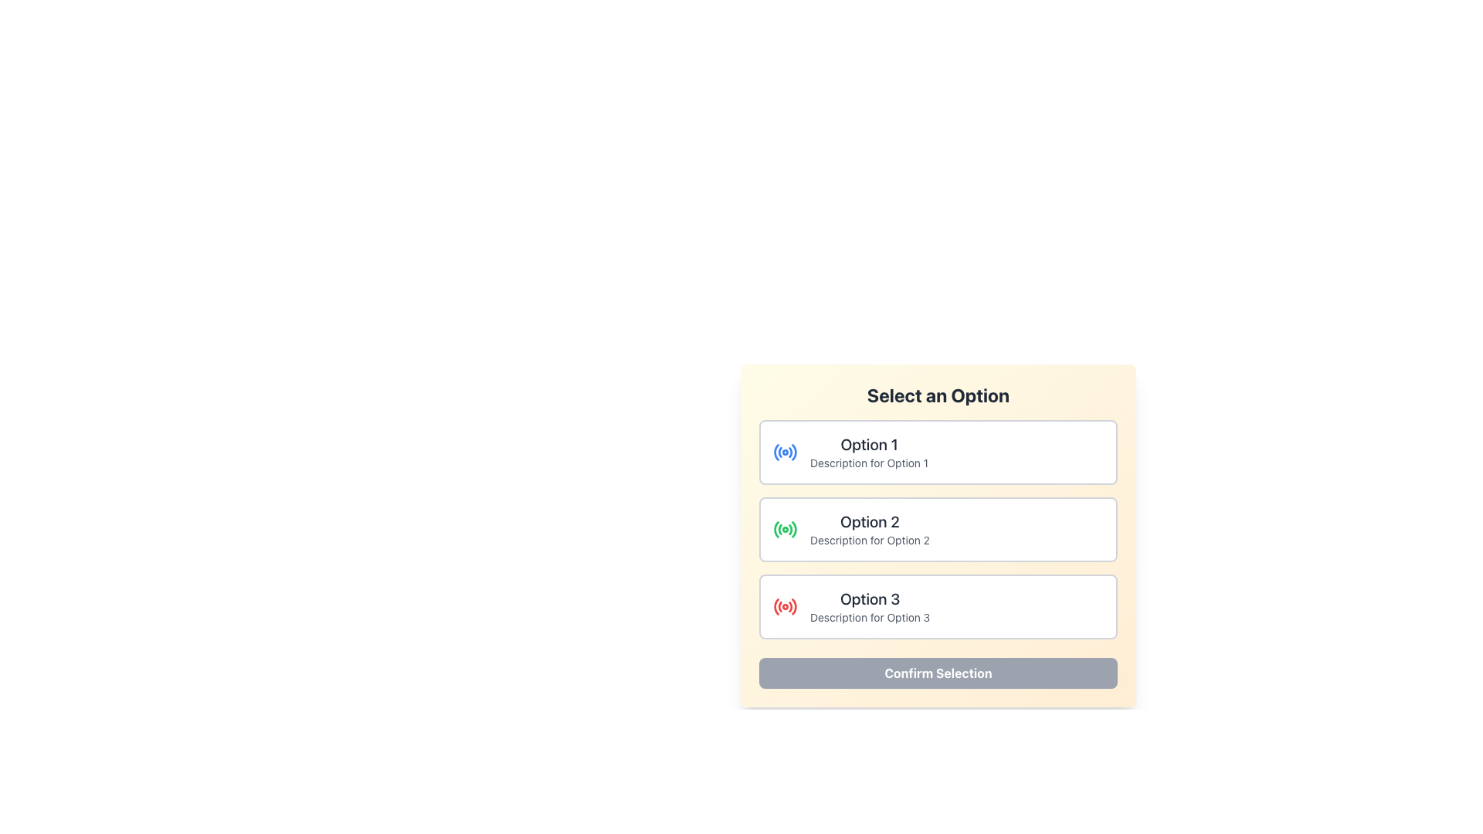 The width and height of the screenshot is (1483, 834). Describe the element at coordinates (786, 606) in the screenshot. I see `the red circular icon resembling radio signal waves located in the third option row of the options section` at that location.